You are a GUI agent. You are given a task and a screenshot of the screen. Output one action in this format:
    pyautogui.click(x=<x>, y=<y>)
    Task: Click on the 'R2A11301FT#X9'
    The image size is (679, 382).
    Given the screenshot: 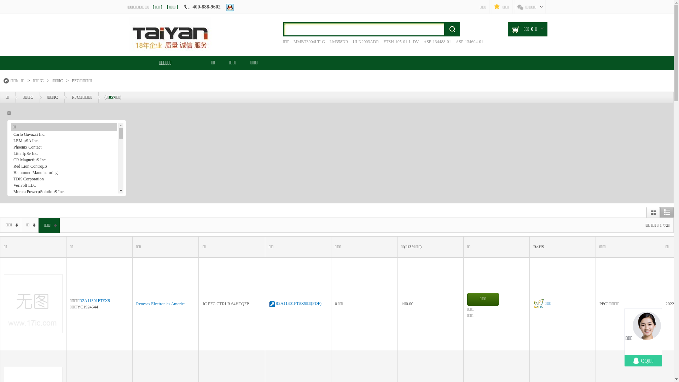 What is the action you would take?
    pyautogui.click(x=79, y=300)
    